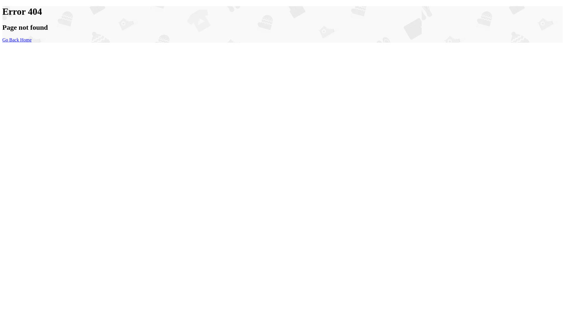  Describe the element at coordinates (17, 40) in the screenshot. I see `'Go Back Home'` at that location.